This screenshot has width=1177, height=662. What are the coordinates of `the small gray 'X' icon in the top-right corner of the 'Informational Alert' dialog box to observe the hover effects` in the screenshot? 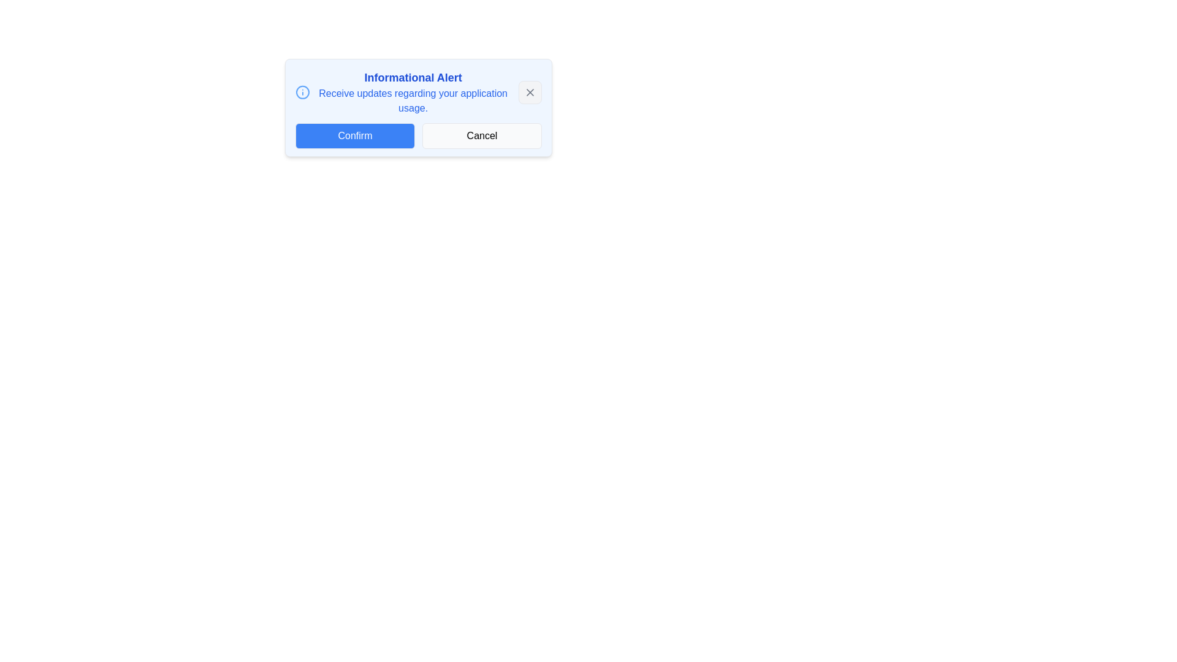 It's located at (530, 91).